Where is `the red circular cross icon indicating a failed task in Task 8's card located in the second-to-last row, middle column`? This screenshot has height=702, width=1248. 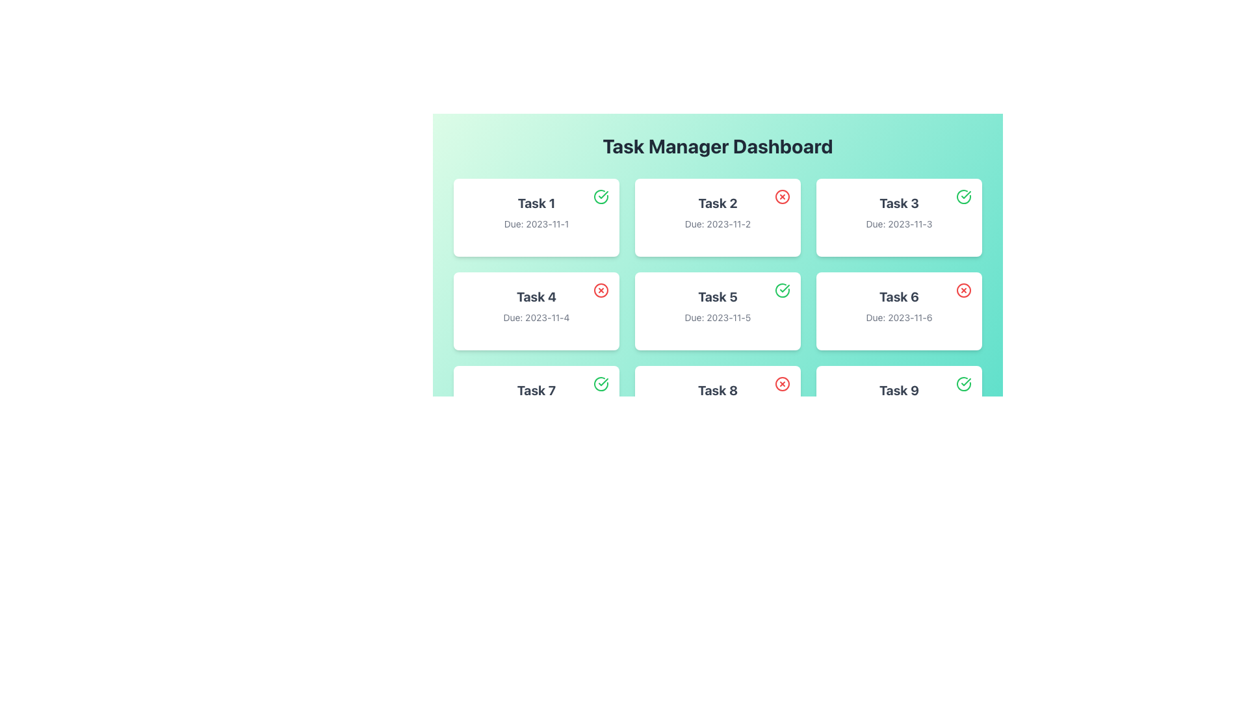 the red circular cross icon indicating a failed task in Task 8's card located in the second-to-last row, middle column is located at coordinates (782, 383).